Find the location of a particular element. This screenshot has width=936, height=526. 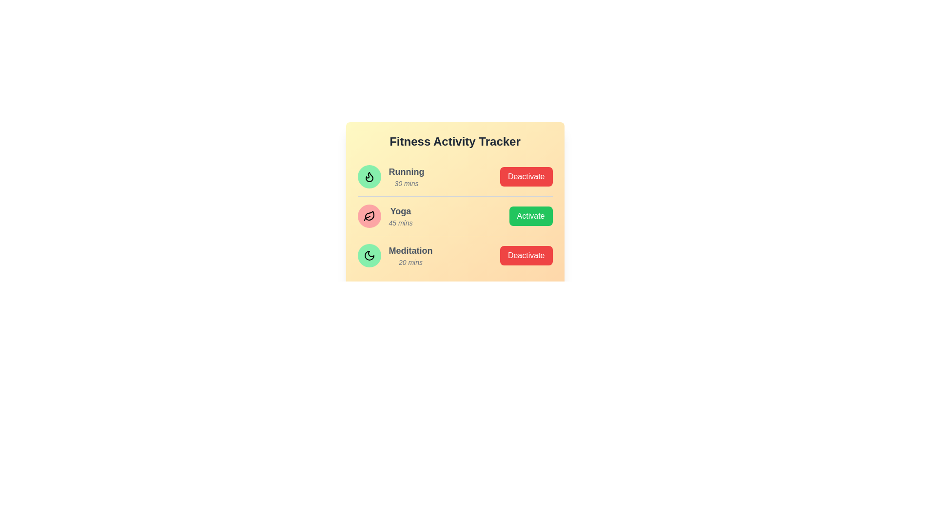

button to toggle the status of the activity Running is located at coordinates (526, 176).